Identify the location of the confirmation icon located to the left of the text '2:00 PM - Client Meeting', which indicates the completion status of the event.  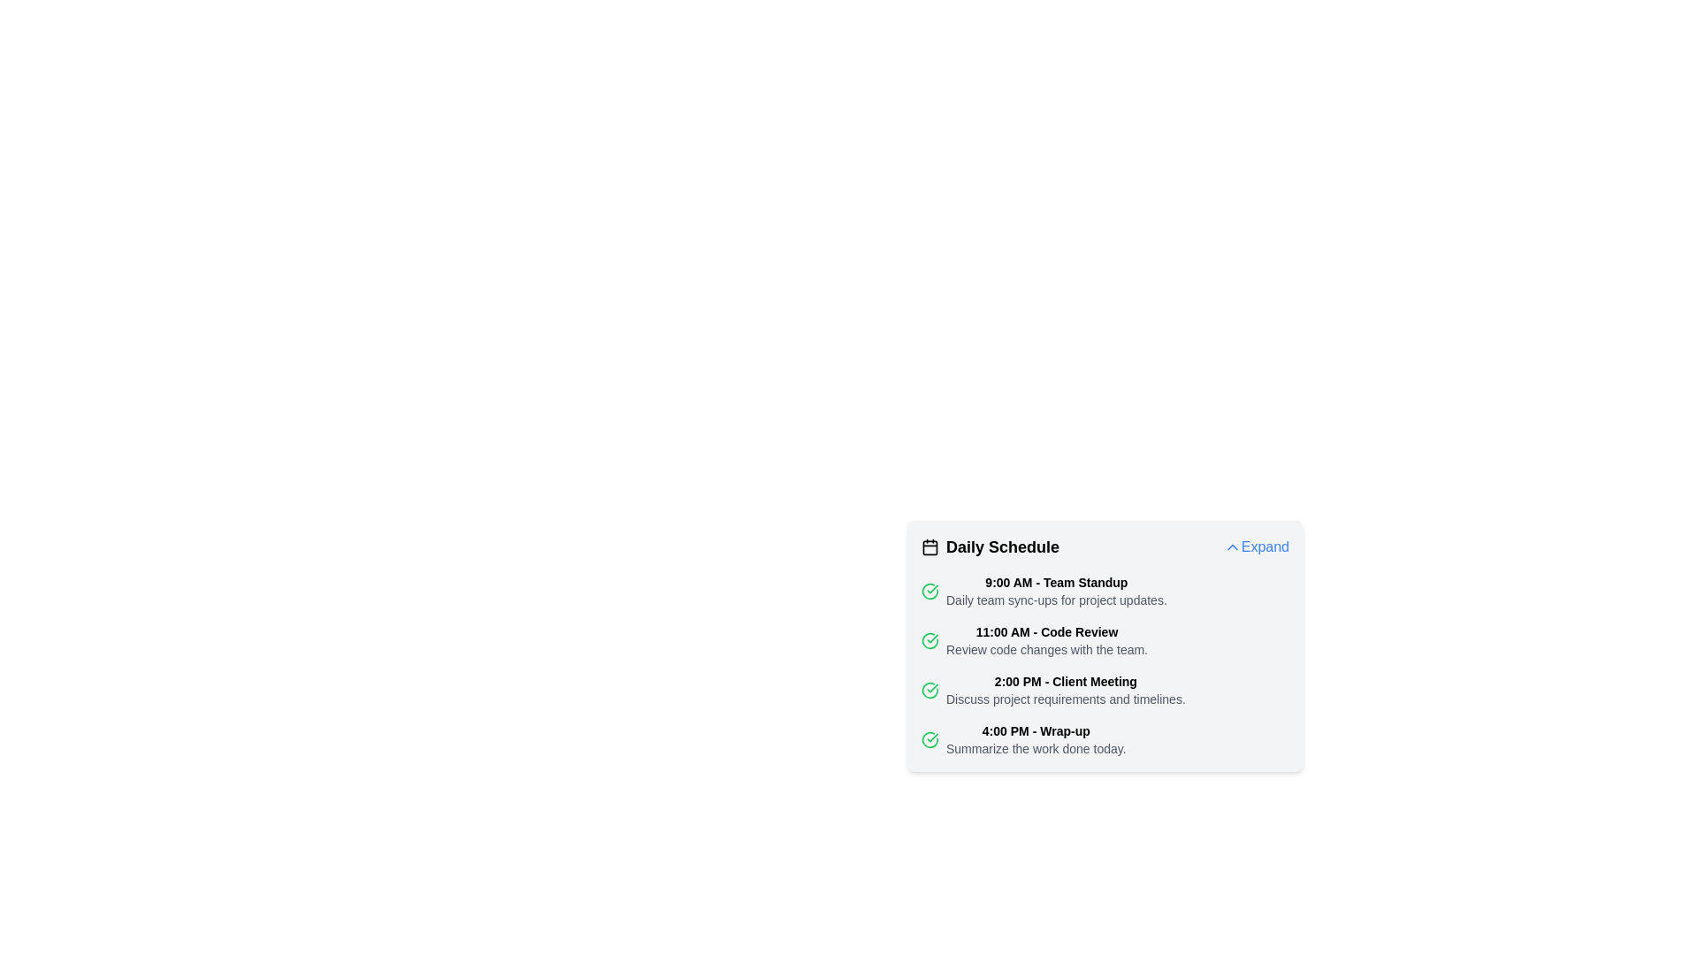
(929, 689).